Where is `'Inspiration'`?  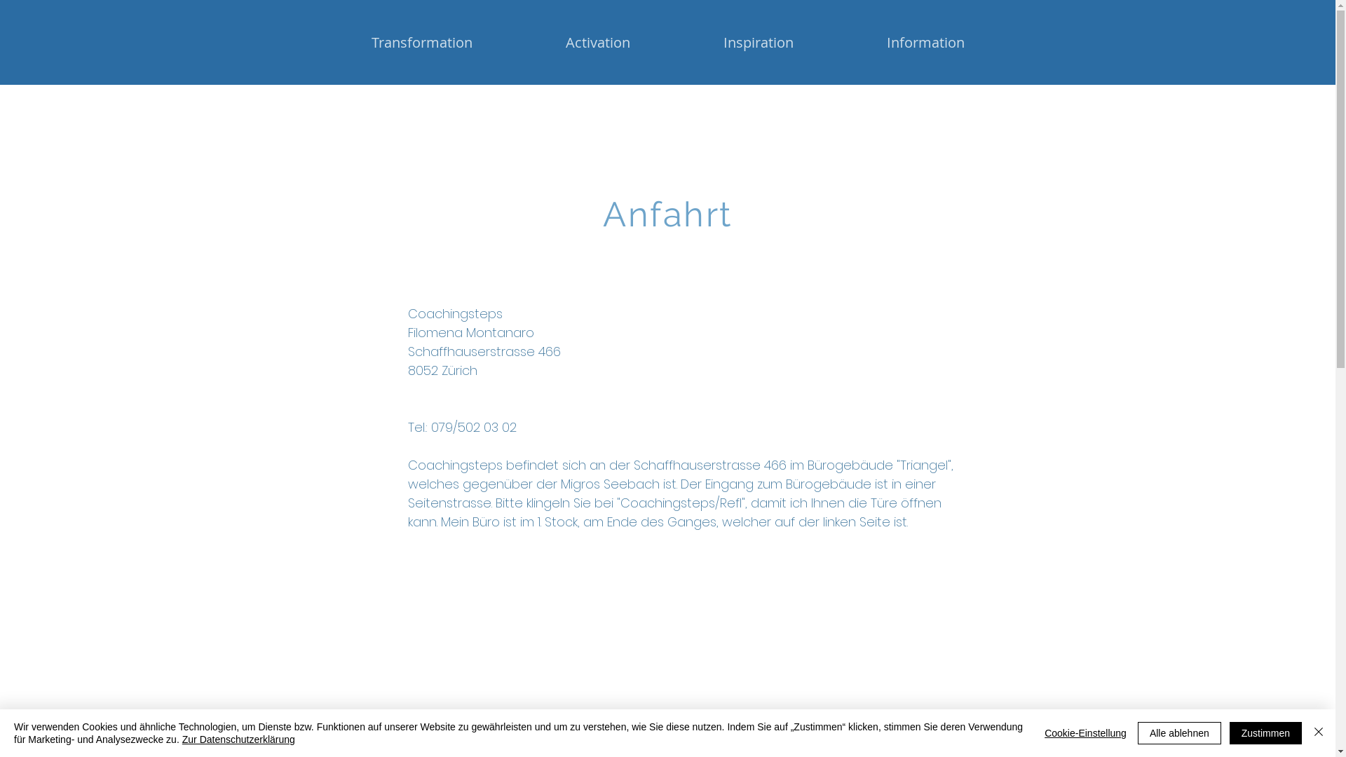 'Inspiration' is located at coordinates (758, 41).